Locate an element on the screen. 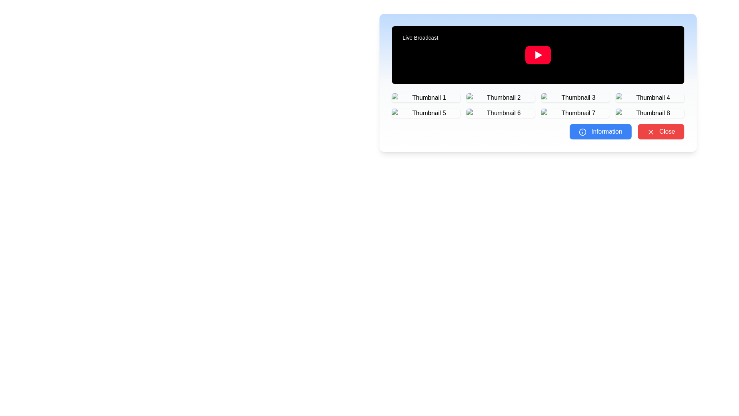  the 'X' icon inside the 'Close' red button located at the bottom-right of the interface is located at coordinates (650, 131).